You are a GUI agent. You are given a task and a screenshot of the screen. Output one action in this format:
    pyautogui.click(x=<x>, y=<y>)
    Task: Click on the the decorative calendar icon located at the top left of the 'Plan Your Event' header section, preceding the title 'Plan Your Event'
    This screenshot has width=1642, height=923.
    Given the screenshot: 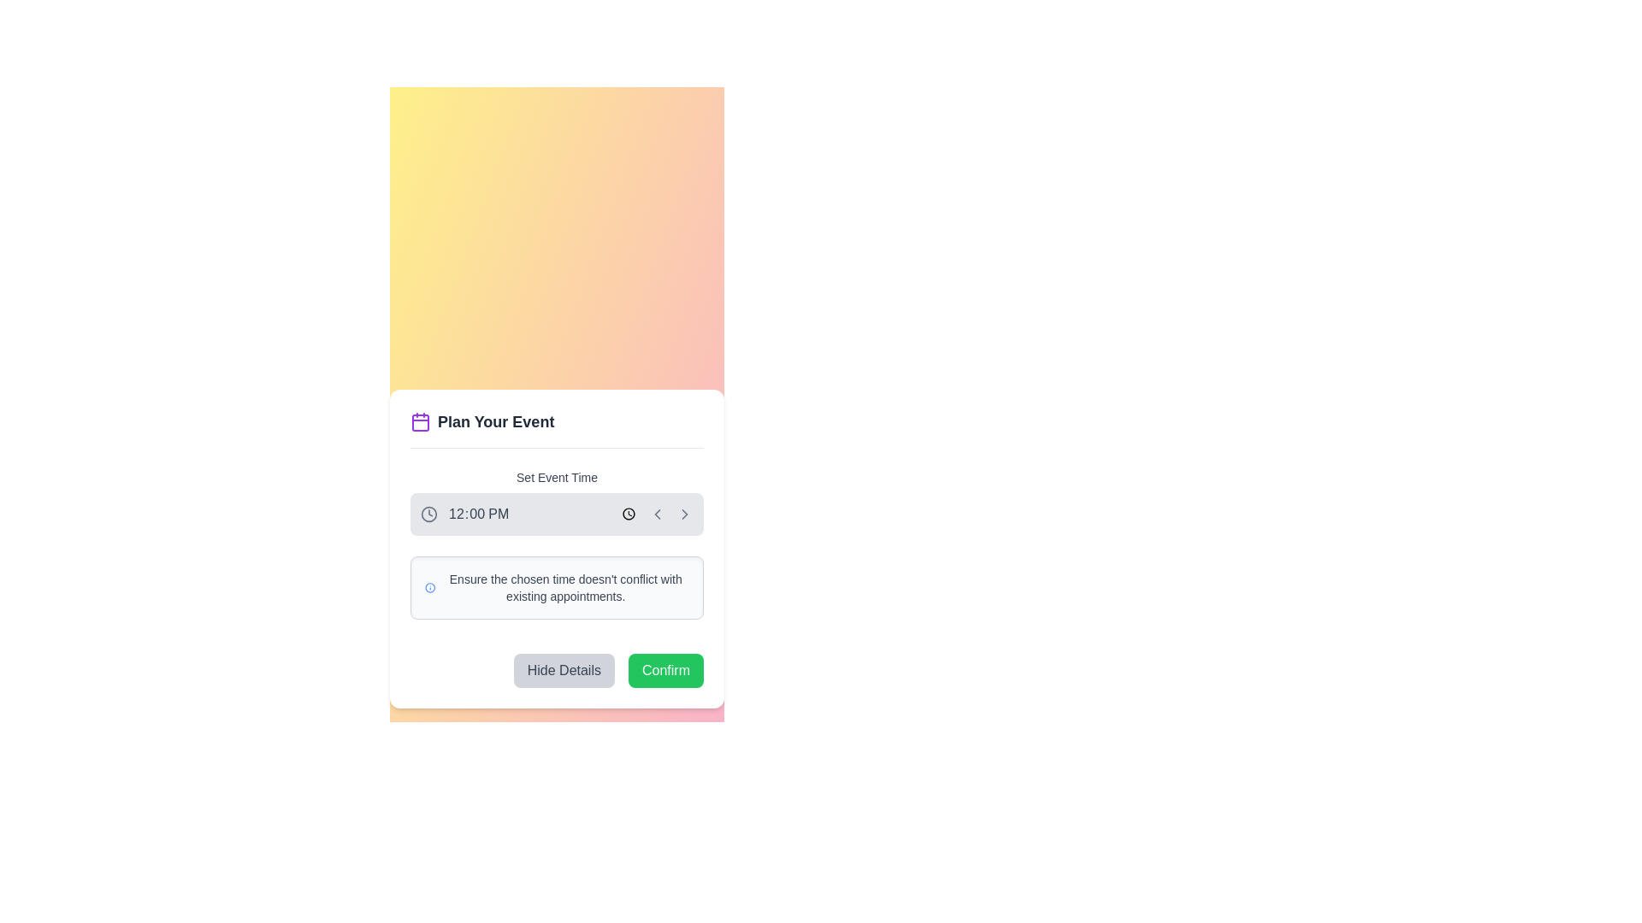 What is the action you would take?
    pyautogui.click(x=420, y=421)
    